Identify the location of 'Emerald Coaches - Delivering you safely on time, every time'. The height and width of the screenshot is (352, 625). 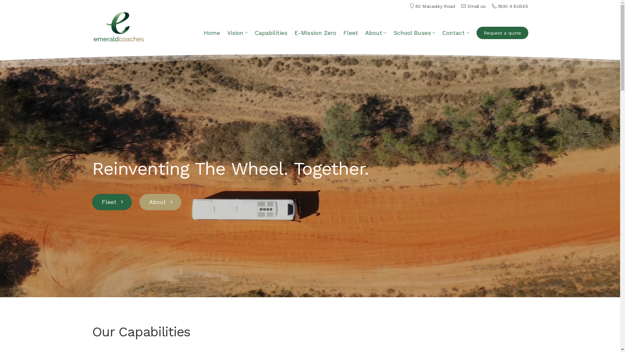
(91, 26).